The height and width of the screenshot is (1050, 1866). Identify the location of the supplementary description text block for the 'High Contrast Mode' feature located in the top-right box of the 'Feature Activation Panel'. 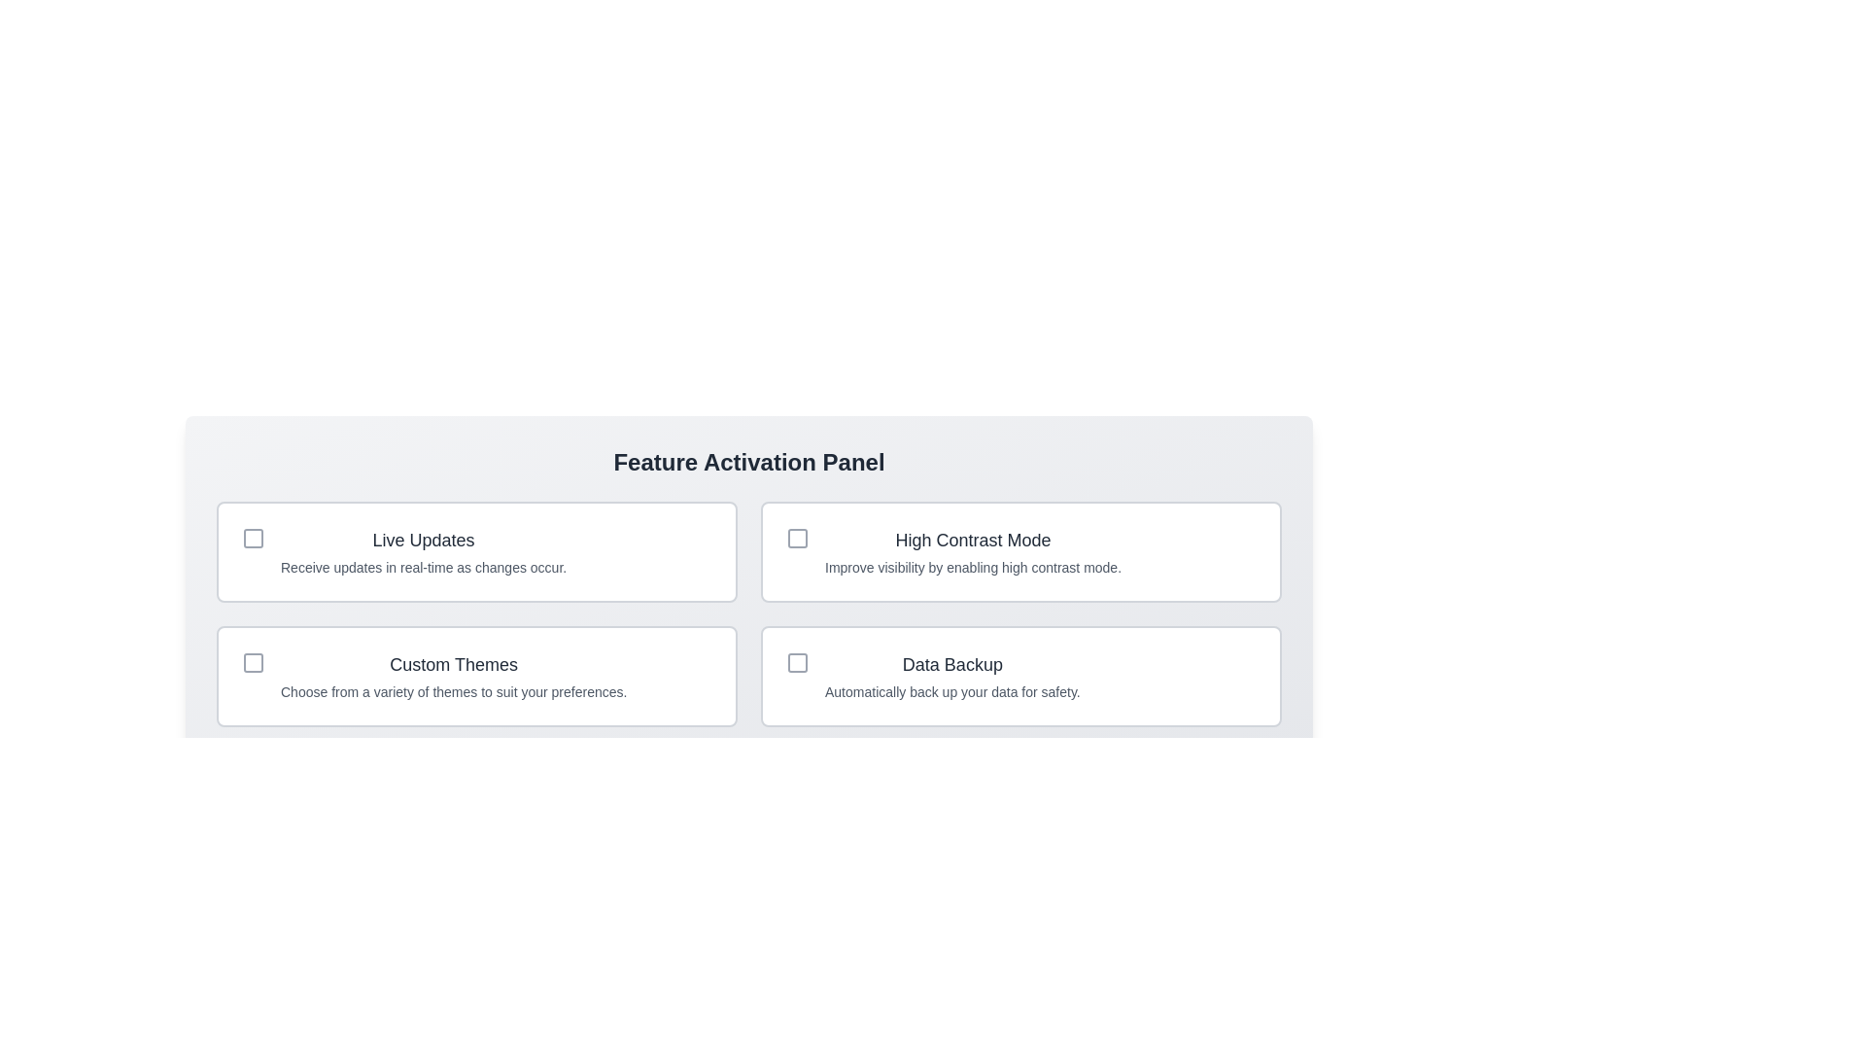
(973, 567).